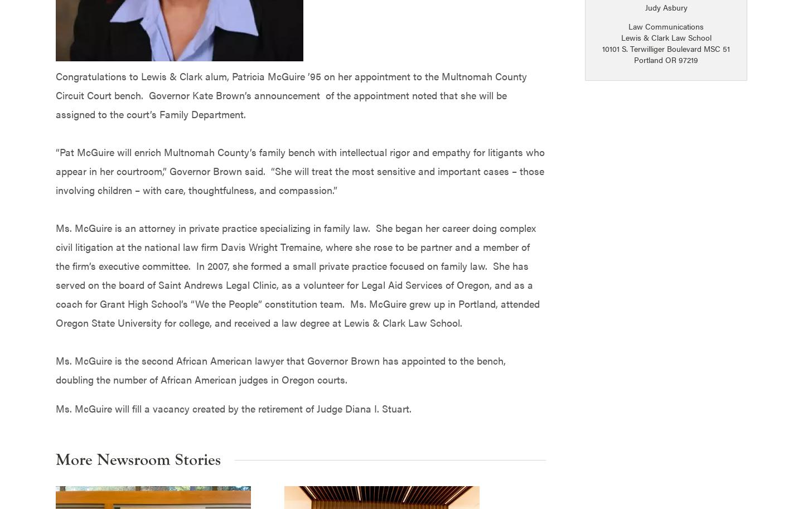 Image resolution: width=803 pixels, height=509 pixels. I want to click on 'Congratulations to Lewis & Clark alum, Patricia McGuire ’95 on her appointment to the Multnomah County Circuit Court bench.  Governor Kate Brown’s announcement  of the appointment noted that she will be assigned to the court’s Family Department.', so click(291, 94).